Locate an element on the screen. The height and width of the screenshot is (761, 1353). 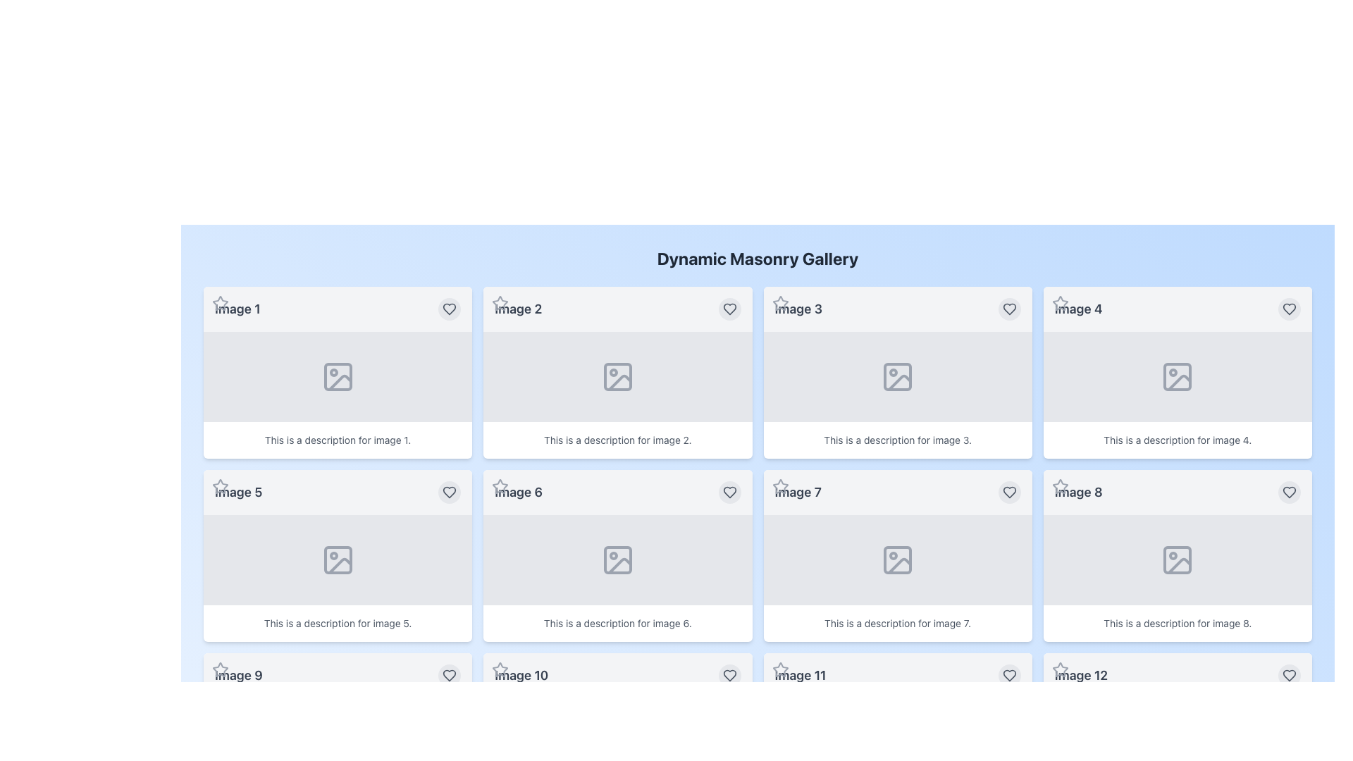
the text label displaying 'Image 6' is located at coordinates (518, 491).